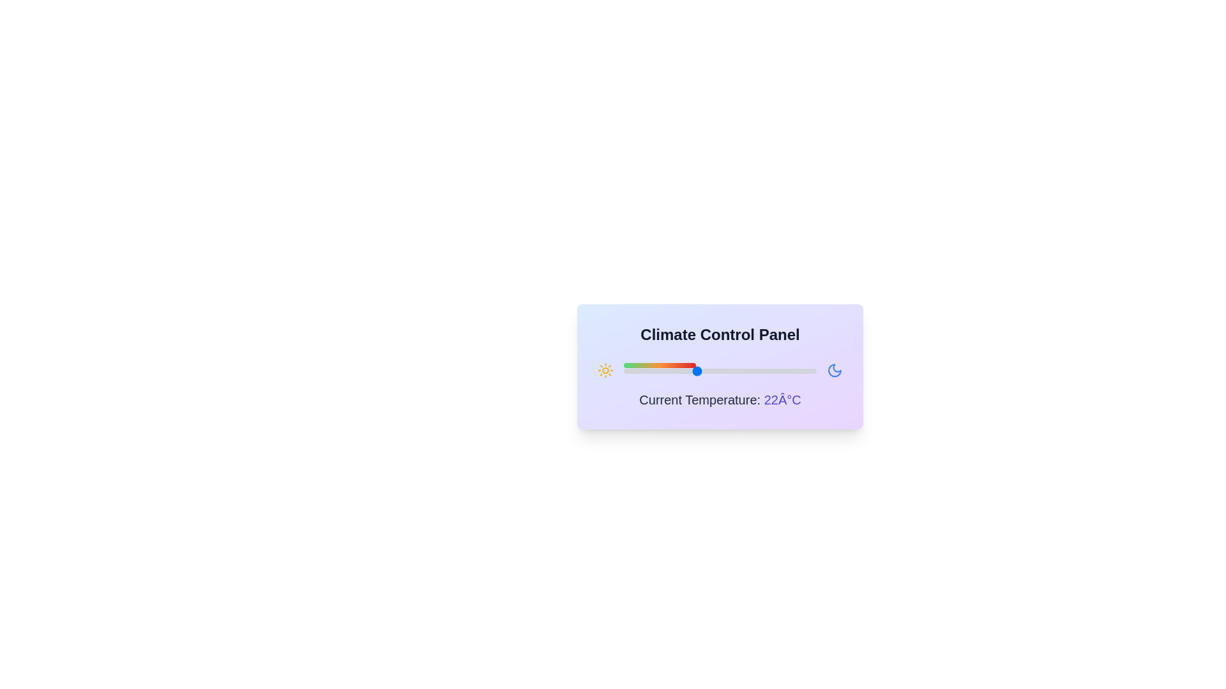 This screenshot has width=1226, height=689. I want to click on text displaying the current temperature value, which is located at the end of the phrase 'Current Temperature: 22°C' in the 'Climate Control Panel', so click(782, 399).